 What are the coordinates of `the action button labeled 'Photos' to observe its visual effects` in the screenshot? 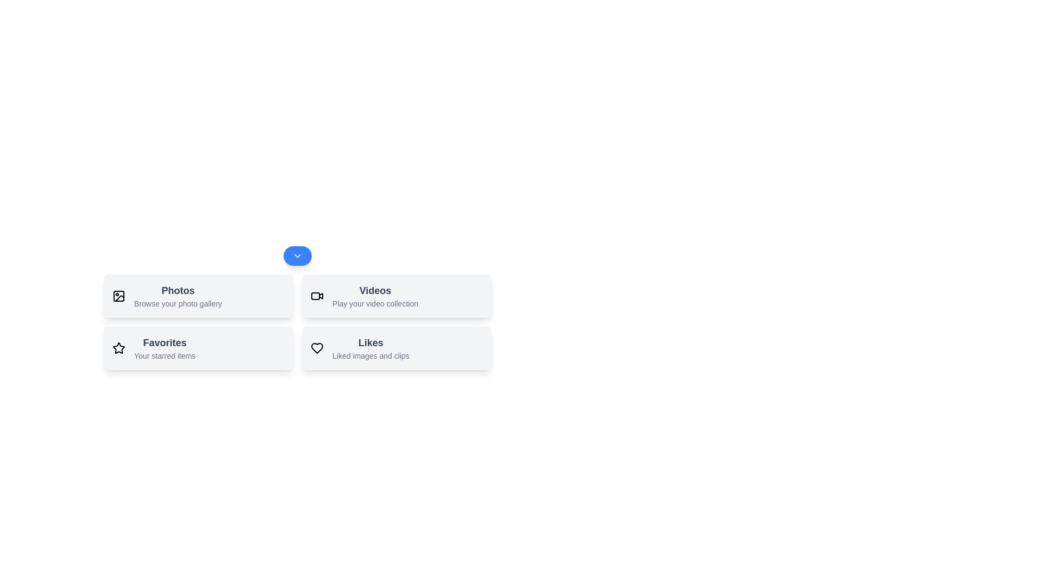 It's located at (198, 296).